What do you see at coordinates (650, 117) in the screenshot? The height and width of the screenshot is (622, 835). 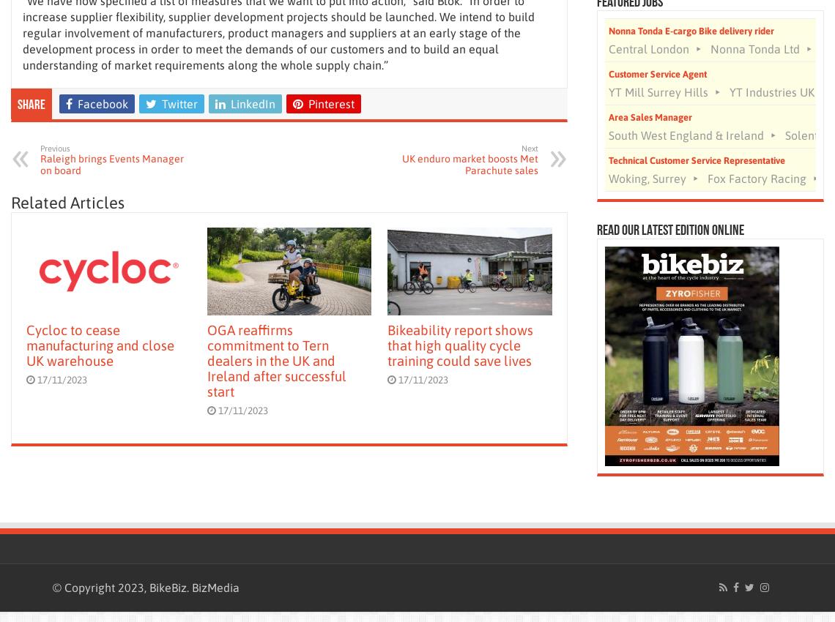 I see `'Area Sales Manager'` at bounding box center [650, 117].